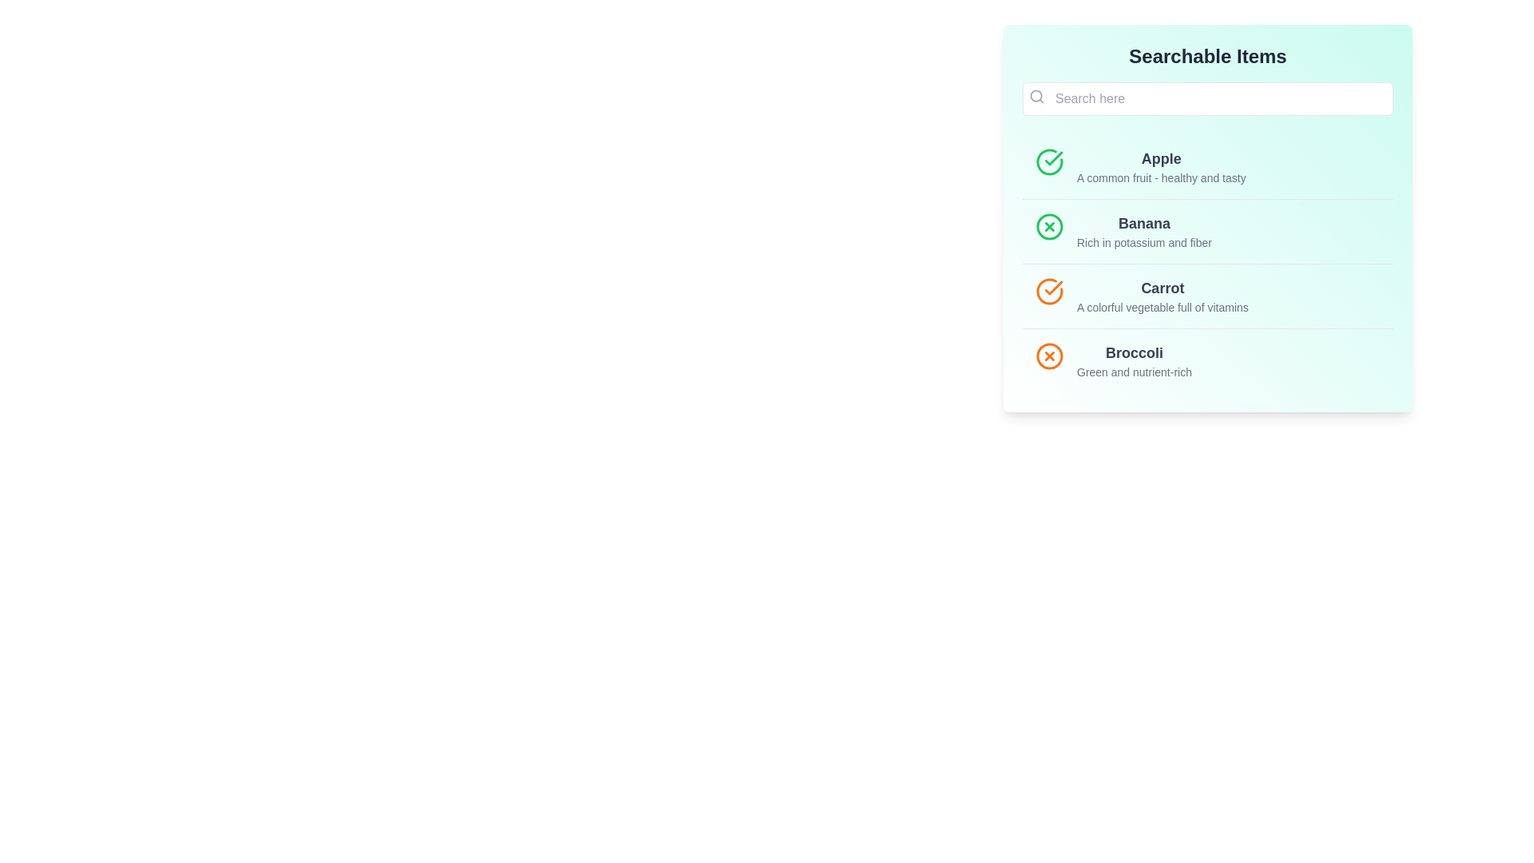  Describe the element at coordinates (1050, 356) in the screenshot. I see `the icon next to the Broccoli item` at that location.